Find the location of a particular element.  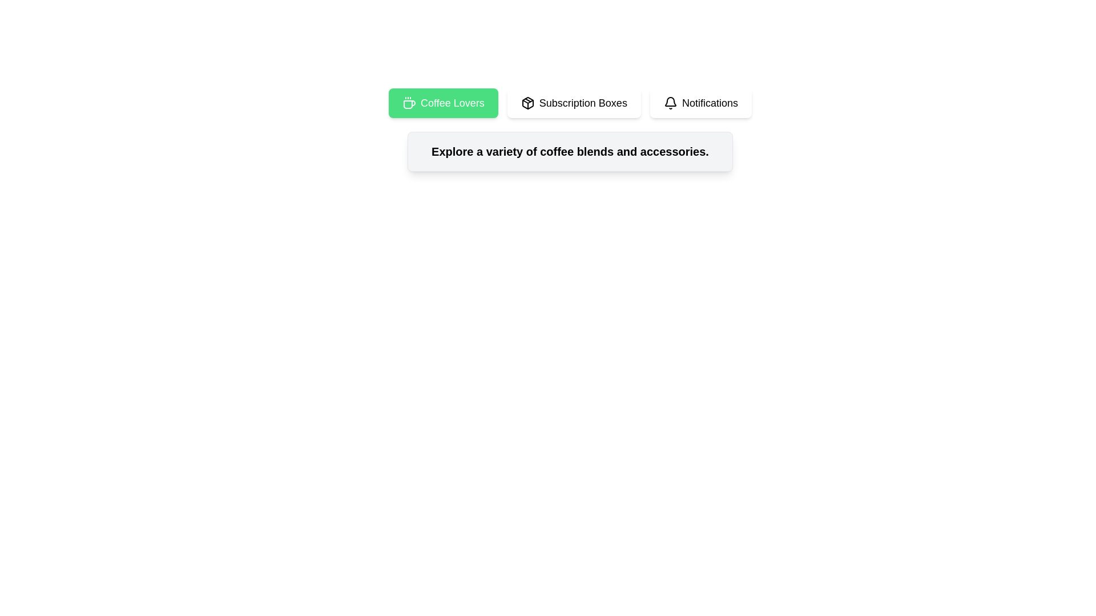

the 'Subscription Boxes' button, which is the second button in a row of three is located at coordinates (574, 103).